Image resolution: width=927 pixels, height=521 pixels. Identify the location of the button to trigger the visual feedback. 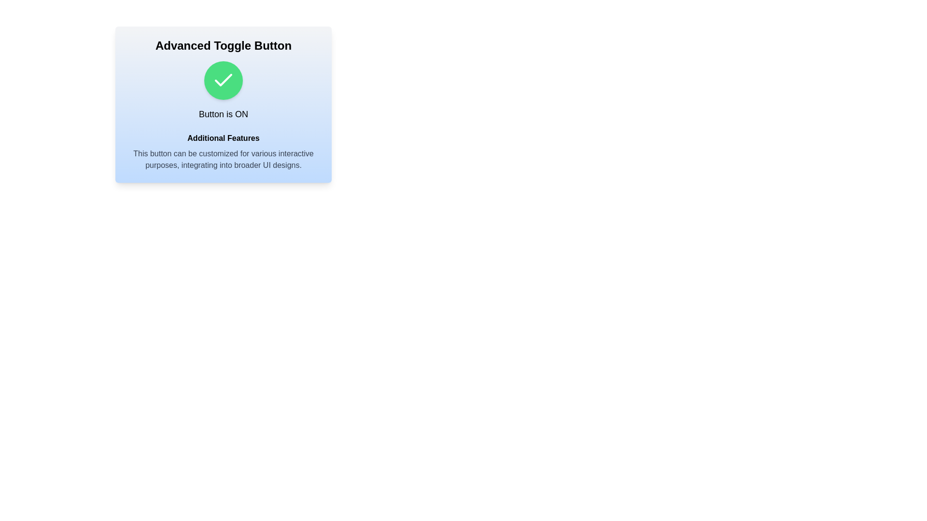
(223, 80).